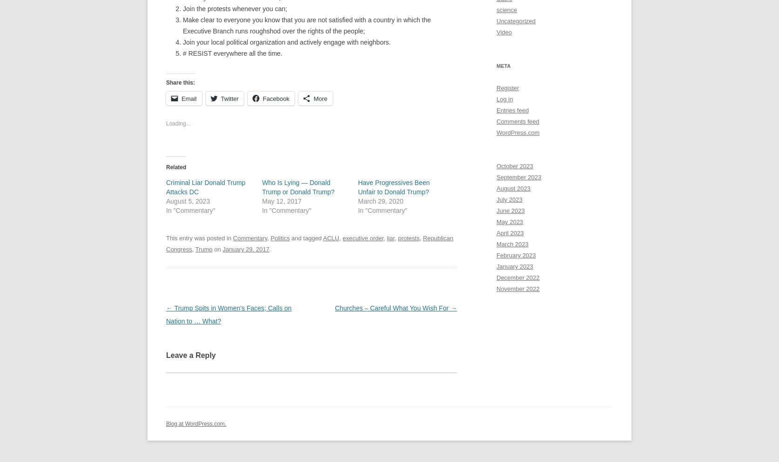 Image resolution: width=779 pixels, height=462 pixels. Describe the element at coordinates (504, 99) in the screenshot. I see `'Log in'` at that location.